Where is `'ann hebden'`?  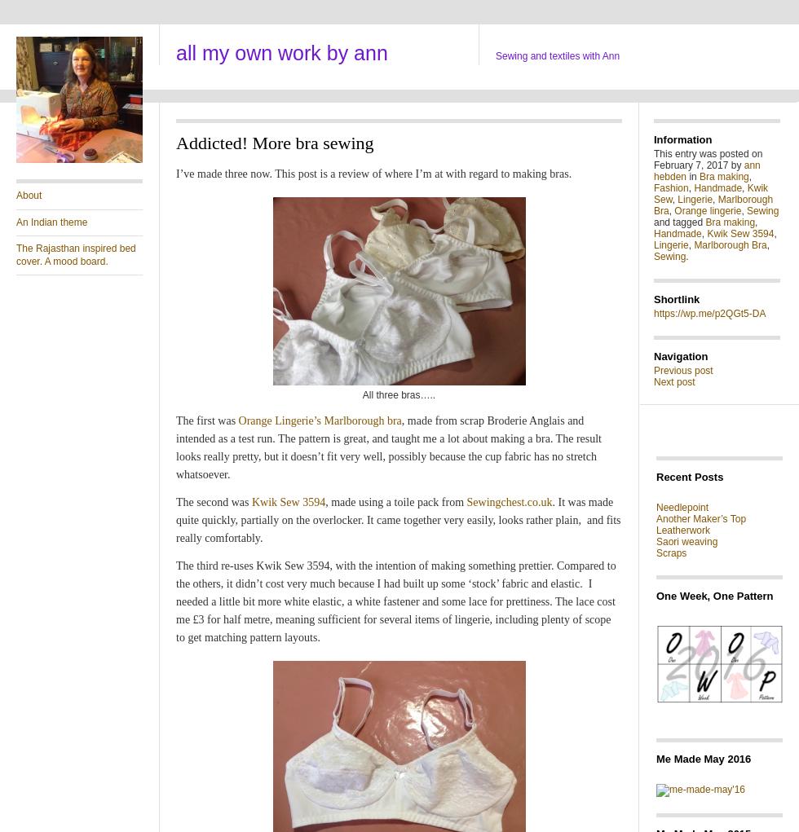
'ann hebden' is located at coordinates (707, 171).